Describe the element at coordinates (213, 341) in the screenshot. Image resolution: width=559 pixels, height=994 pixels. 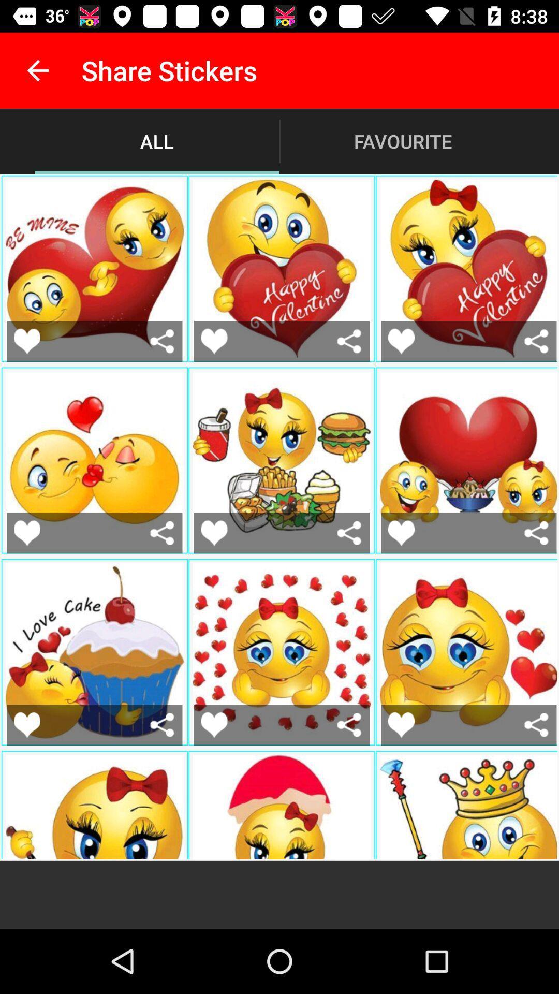
I see `click love` at that location.